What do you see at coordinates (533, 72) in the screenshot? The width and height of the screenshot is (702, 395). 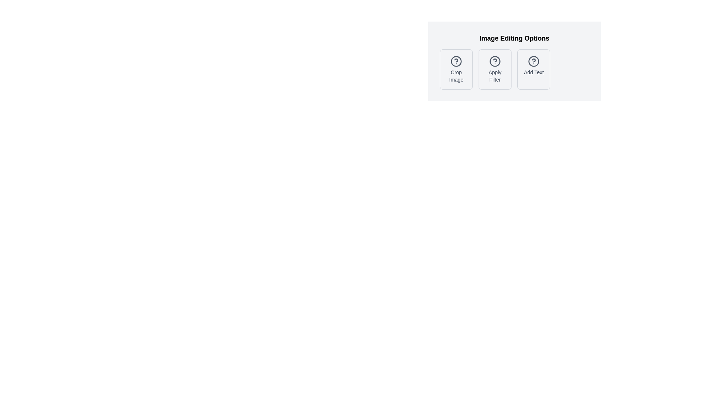 I see `the static text label indicating that the button allows users to add text to the image during editing, located below the icon in the third position from the left among the Image Editing Options` at bounding box center [533, 72].